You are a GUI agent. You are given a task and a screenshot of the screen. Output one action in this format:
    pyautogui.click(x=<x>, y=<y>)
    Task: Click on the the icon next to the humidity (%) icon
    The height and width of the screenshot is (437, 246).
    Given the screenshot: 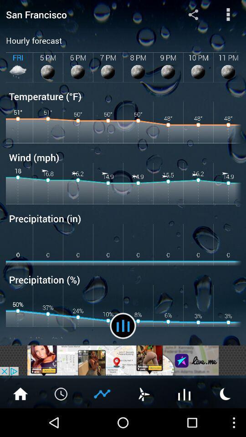 What is the action you would take?
    pyautogui.click(x=123, y=325)
    